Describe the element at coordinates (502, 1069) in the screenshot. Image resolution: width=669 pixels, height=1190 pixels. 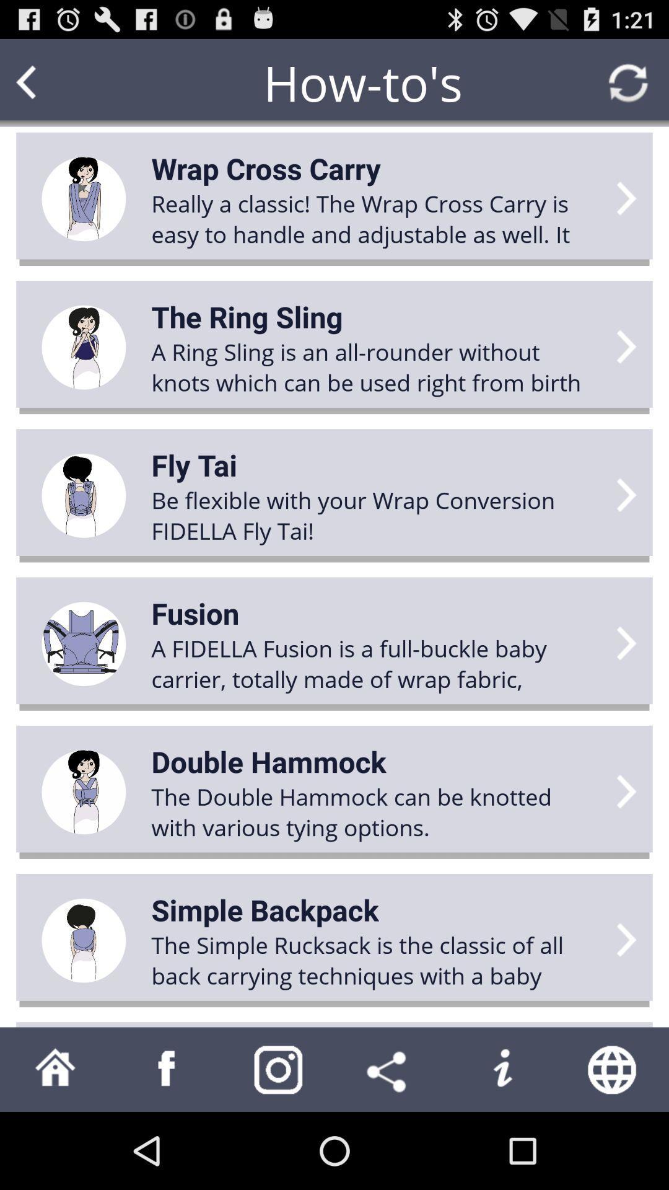
I see `item below the the simple rucksack icon` at that location.